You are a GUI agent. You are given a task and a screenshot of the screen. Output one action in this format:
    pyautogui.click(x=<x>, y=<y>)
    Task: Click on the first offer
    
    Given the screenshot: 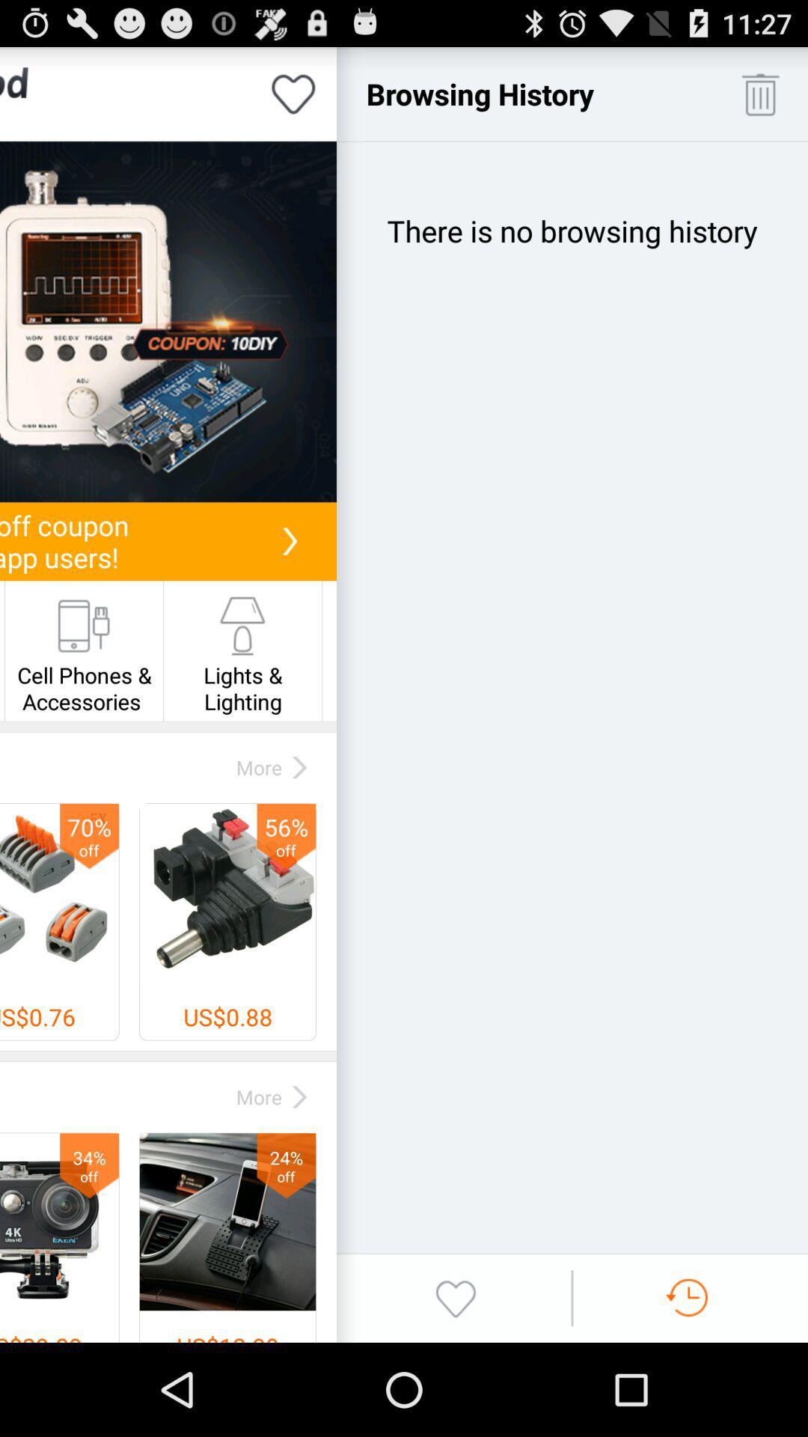 What is the action you would take?
    pyautogui.click(x=168, y=321)
    